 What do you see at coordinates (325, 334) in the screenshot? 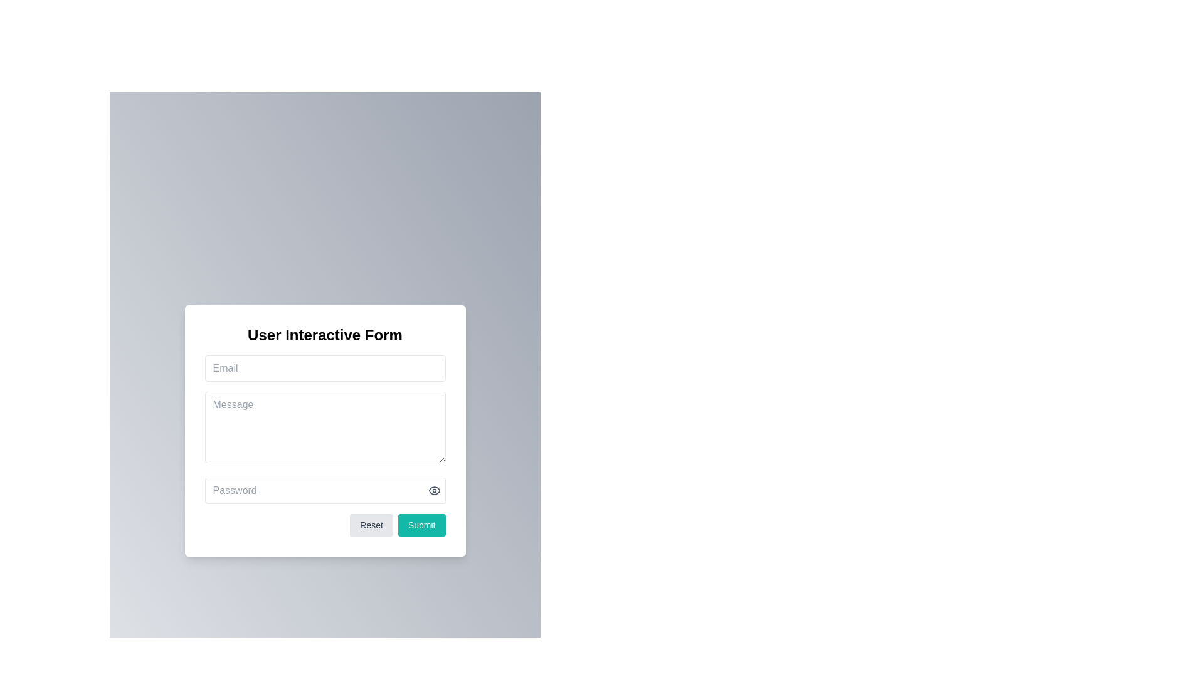
I see `text from the heading labeled 'User Interactive Form', which is a bold, large font text aligned at the top center of the form interface` at bounding box center [325, 334].